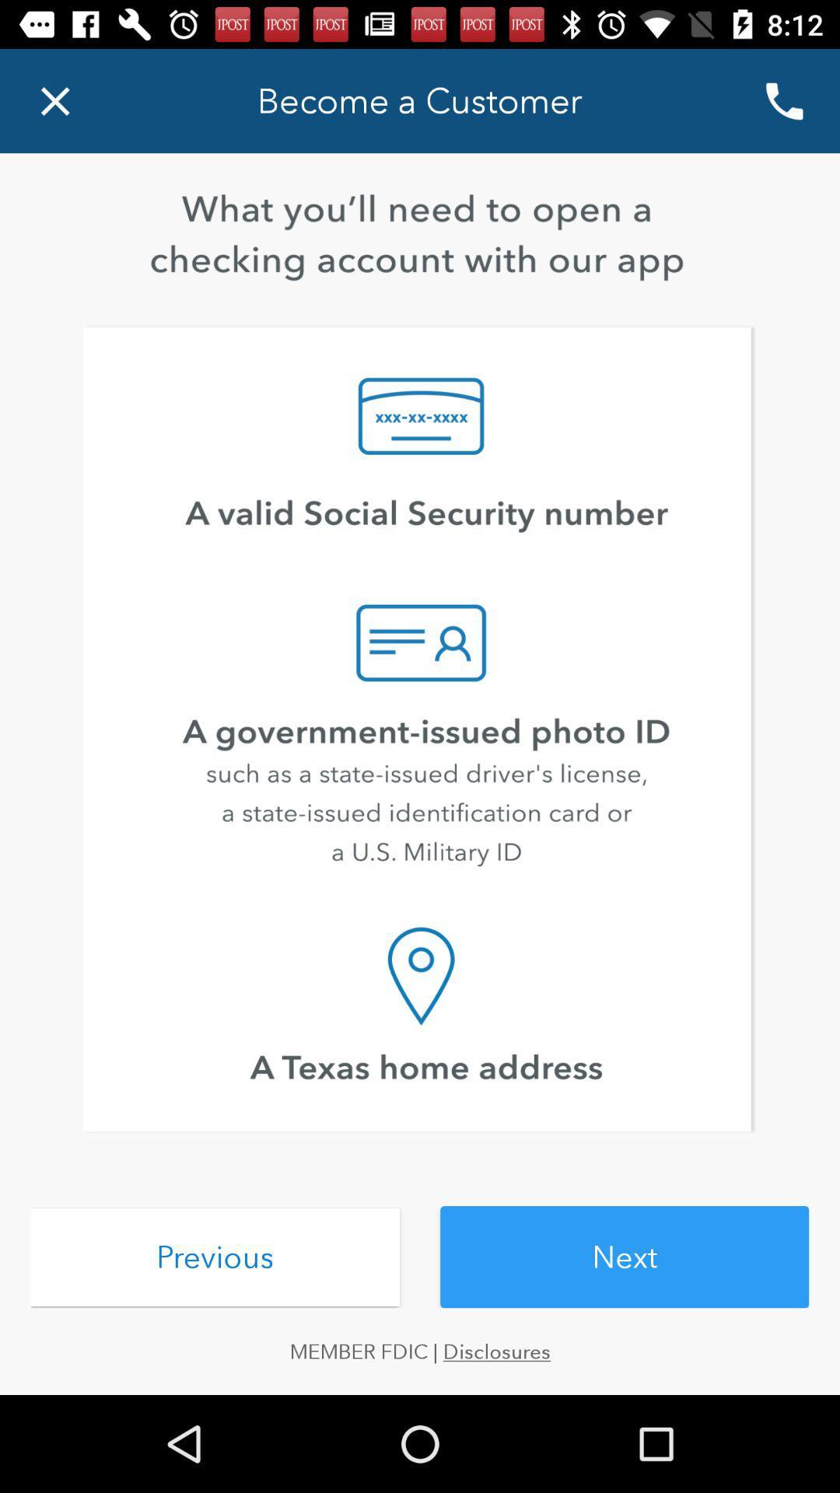  I want to click on previous item, so click(215, 1257).